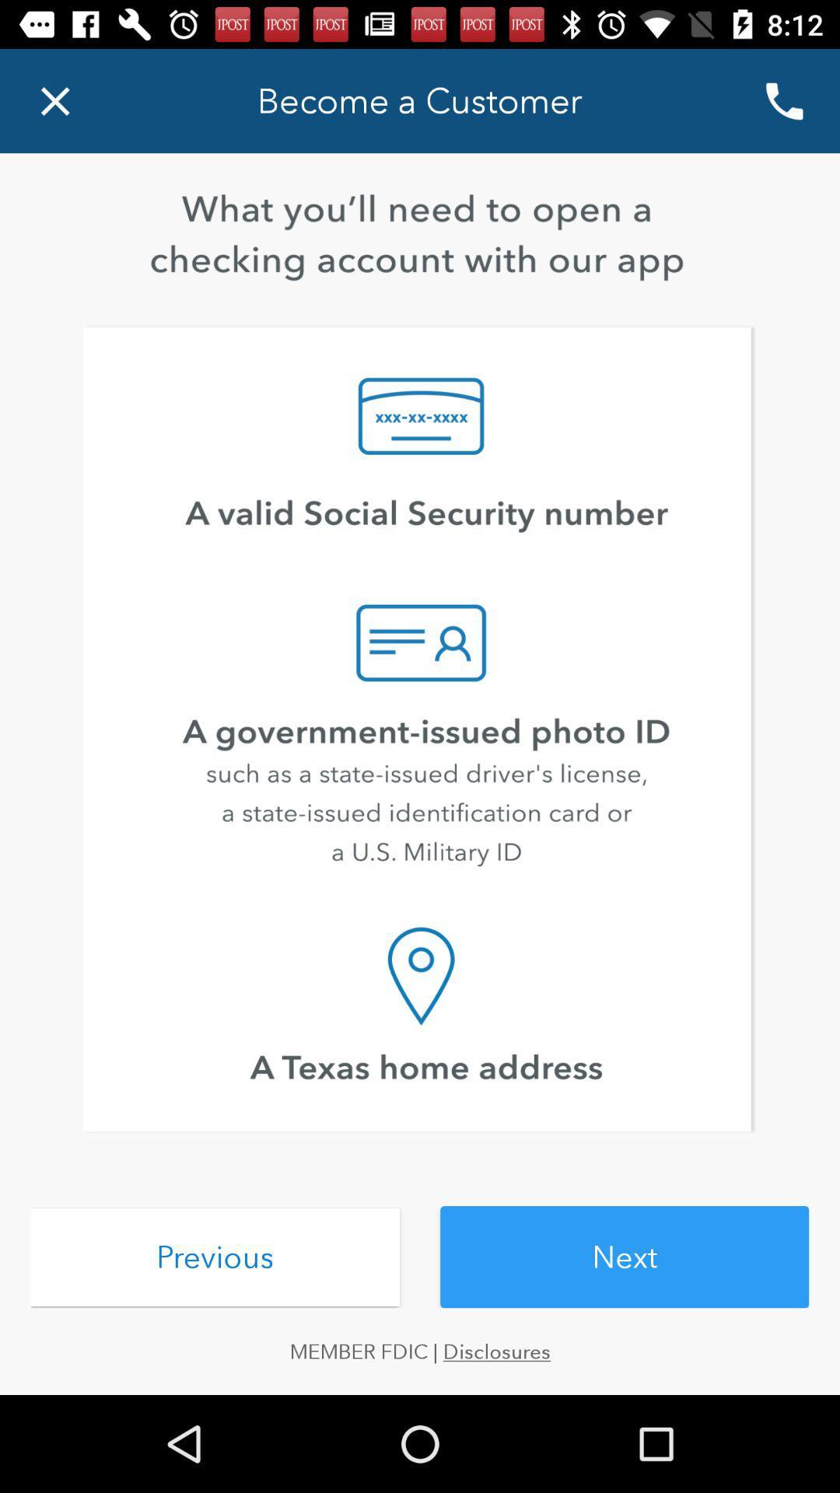  I want to click on previous item, so click(215, 1257).